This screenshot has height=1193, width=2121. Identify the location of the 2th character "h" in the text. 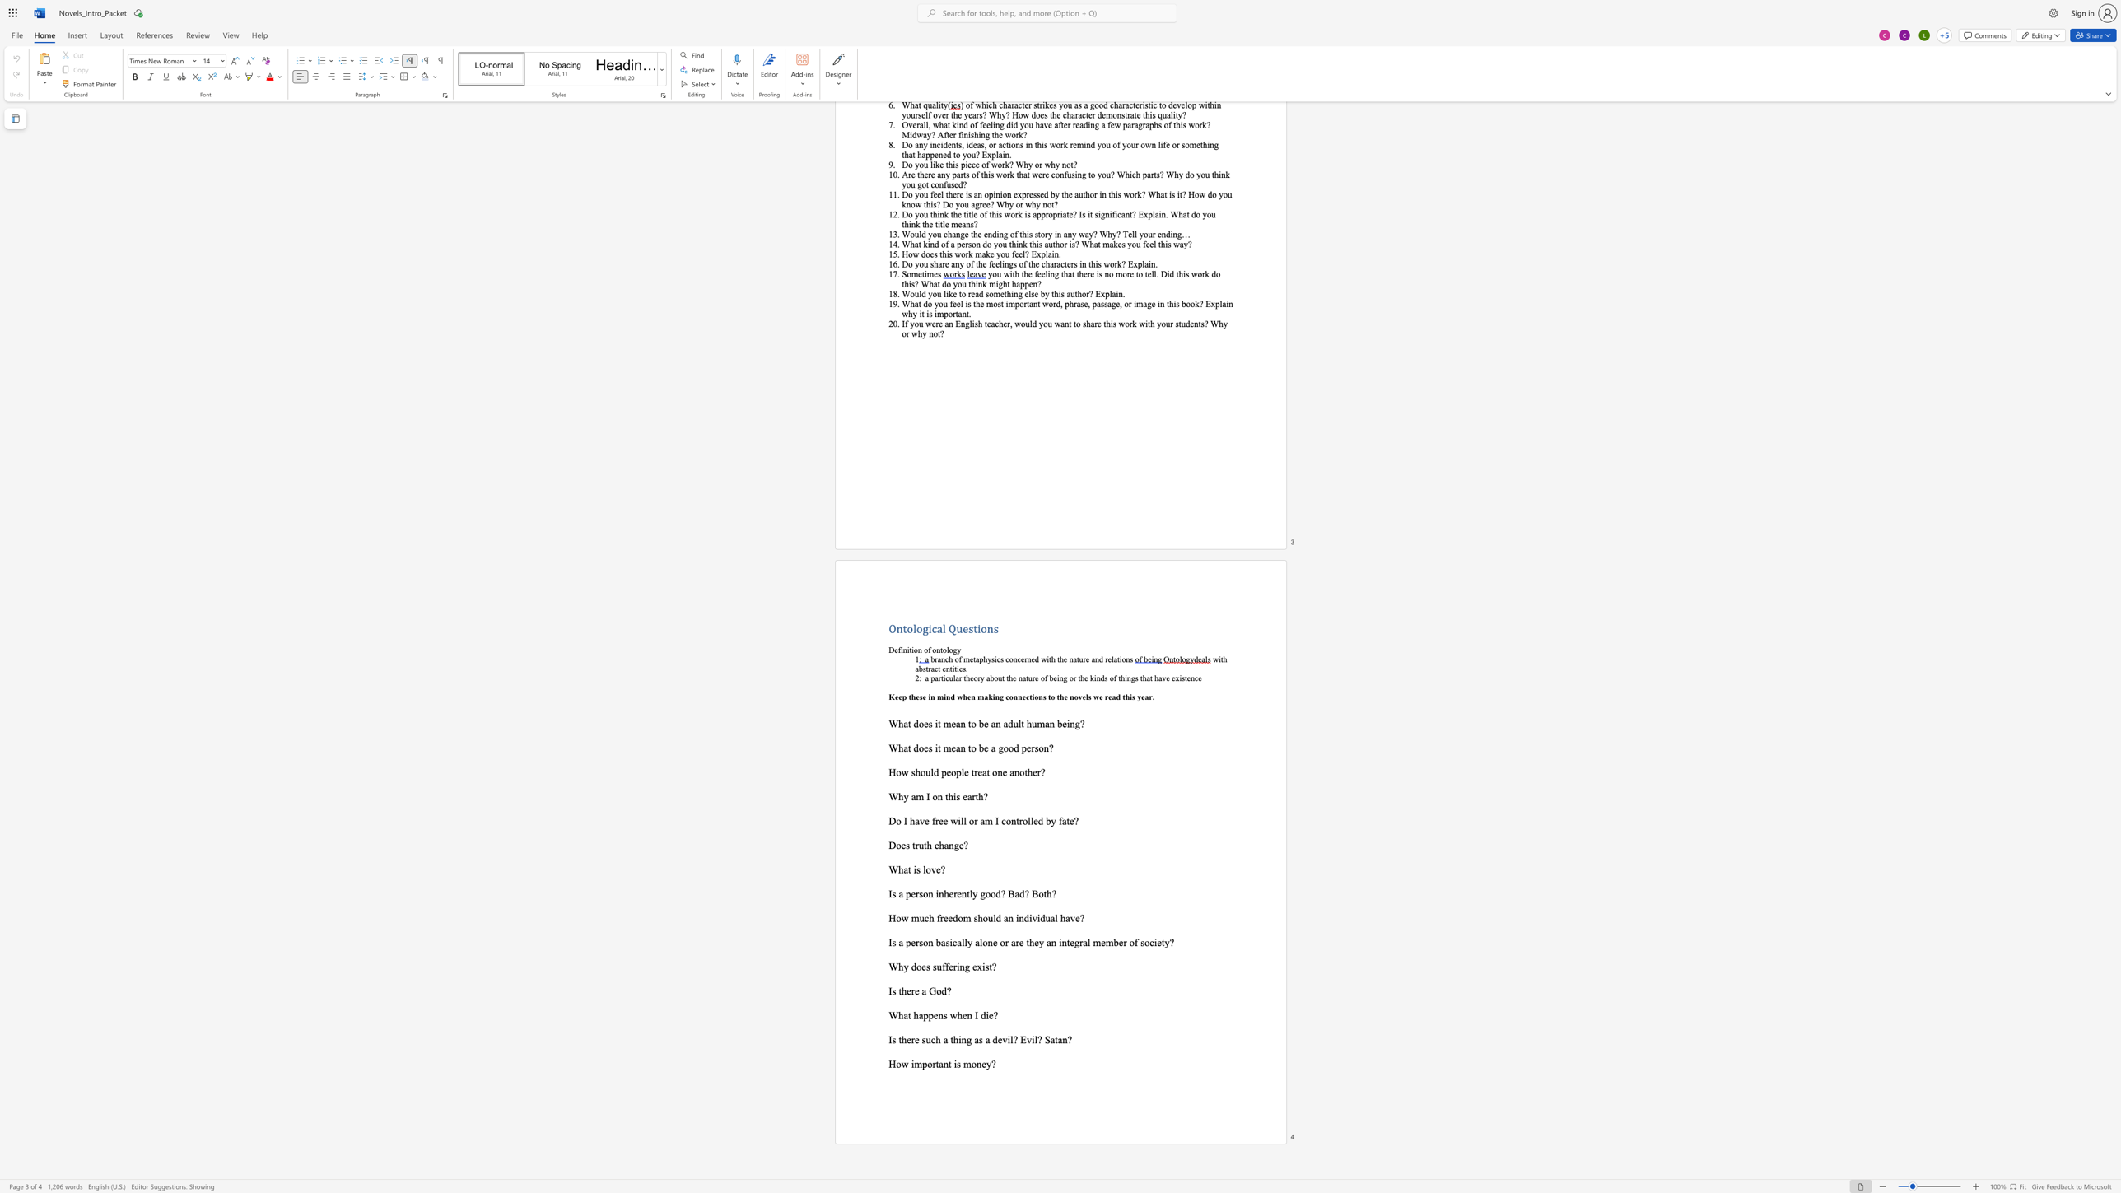
(940, 845).